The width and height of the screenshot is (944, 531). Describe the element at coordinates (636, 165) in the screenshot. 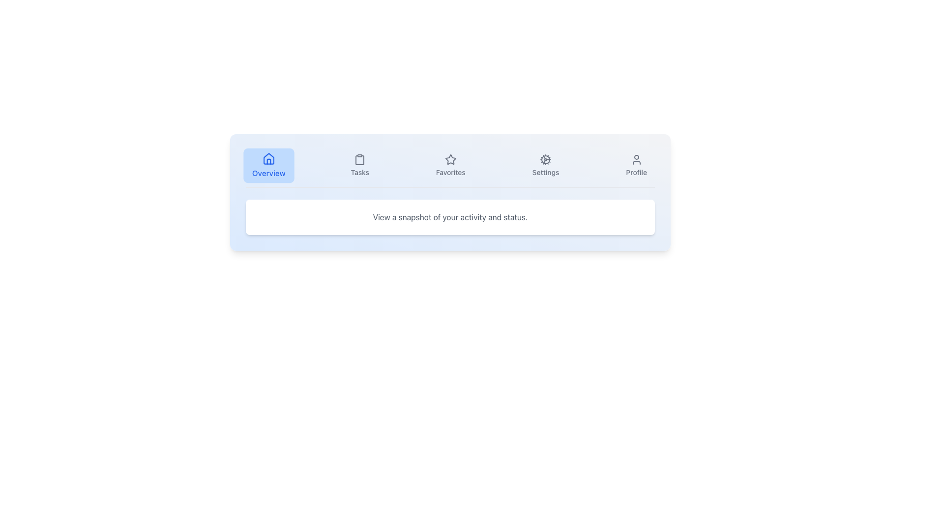

I see `the 'Profile' button, which is the last item in the navigation bar featuring a user icon and styled text` at that location.